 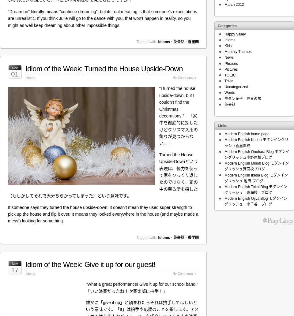 I want to click on 'Modern English Minoh Blog モダンイングリッシュ箕面校ブログ', so click(x=256, y=166).